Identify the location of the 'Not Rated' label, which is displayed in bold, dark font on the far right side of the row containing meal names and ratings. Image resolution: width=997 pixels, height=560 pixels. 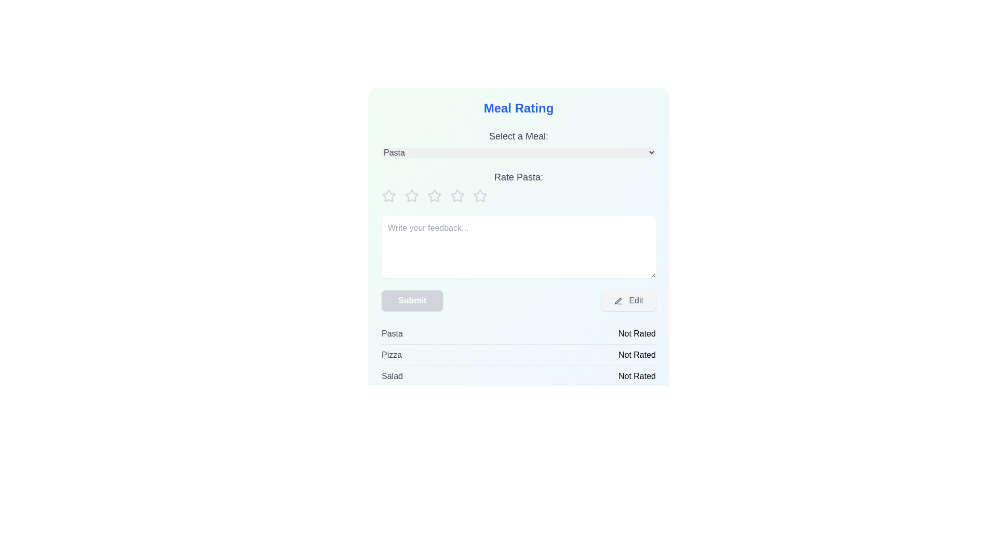
(637, 355).